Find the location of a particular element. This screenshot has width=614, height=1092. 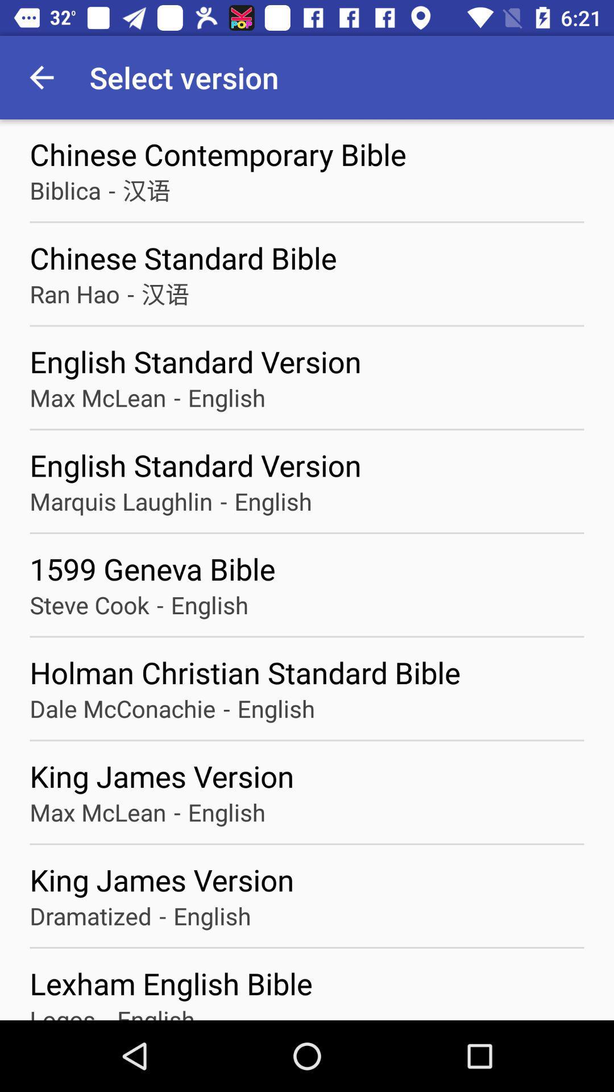

the app to the left of select version icon is located at coordinates (41, 77).